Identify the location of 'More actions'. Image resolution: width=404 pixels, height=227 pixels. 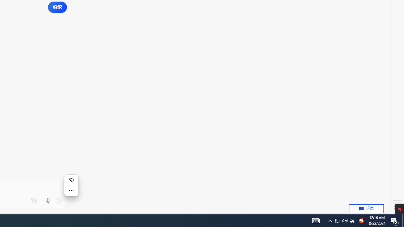
(71, 190).